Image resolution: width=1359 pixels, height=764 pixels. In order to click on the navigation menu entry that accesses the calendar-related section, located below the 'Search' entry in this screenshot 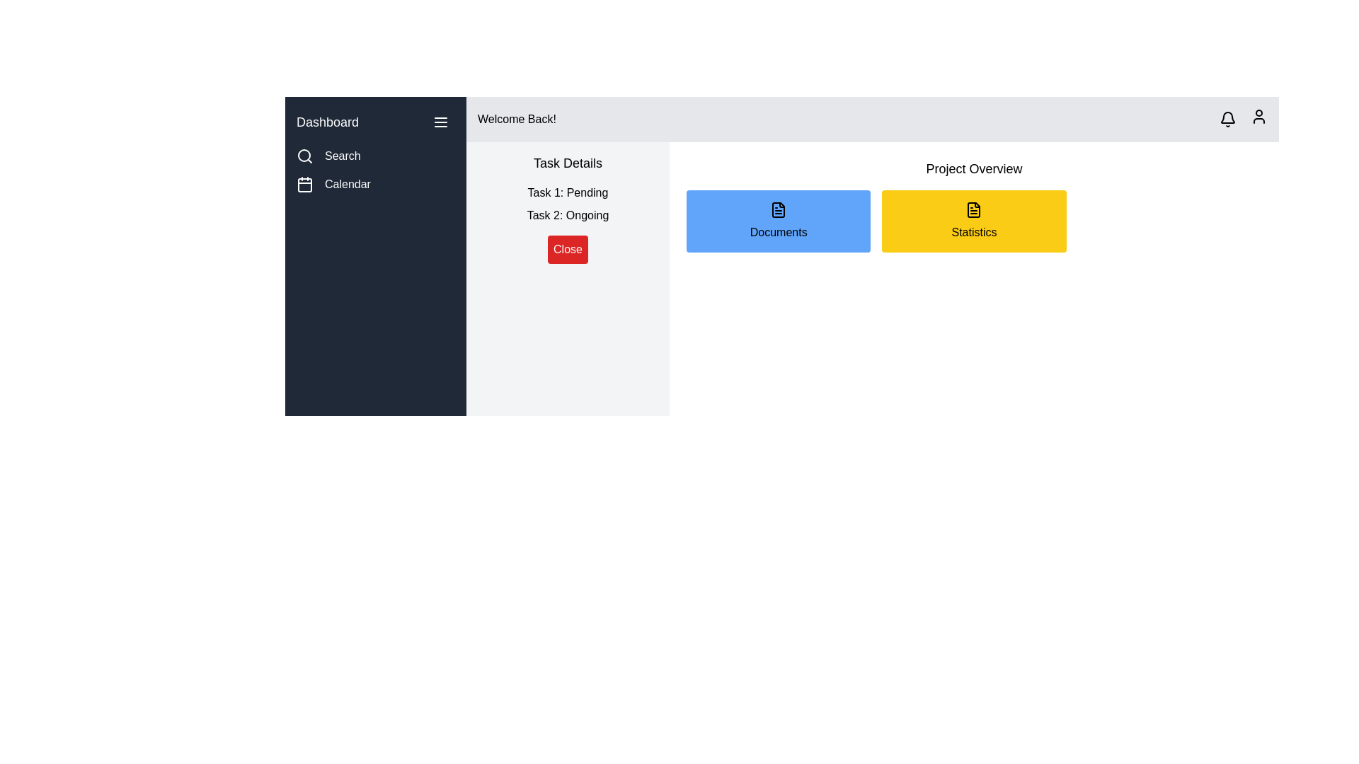, I will do `click(376, 184)`.